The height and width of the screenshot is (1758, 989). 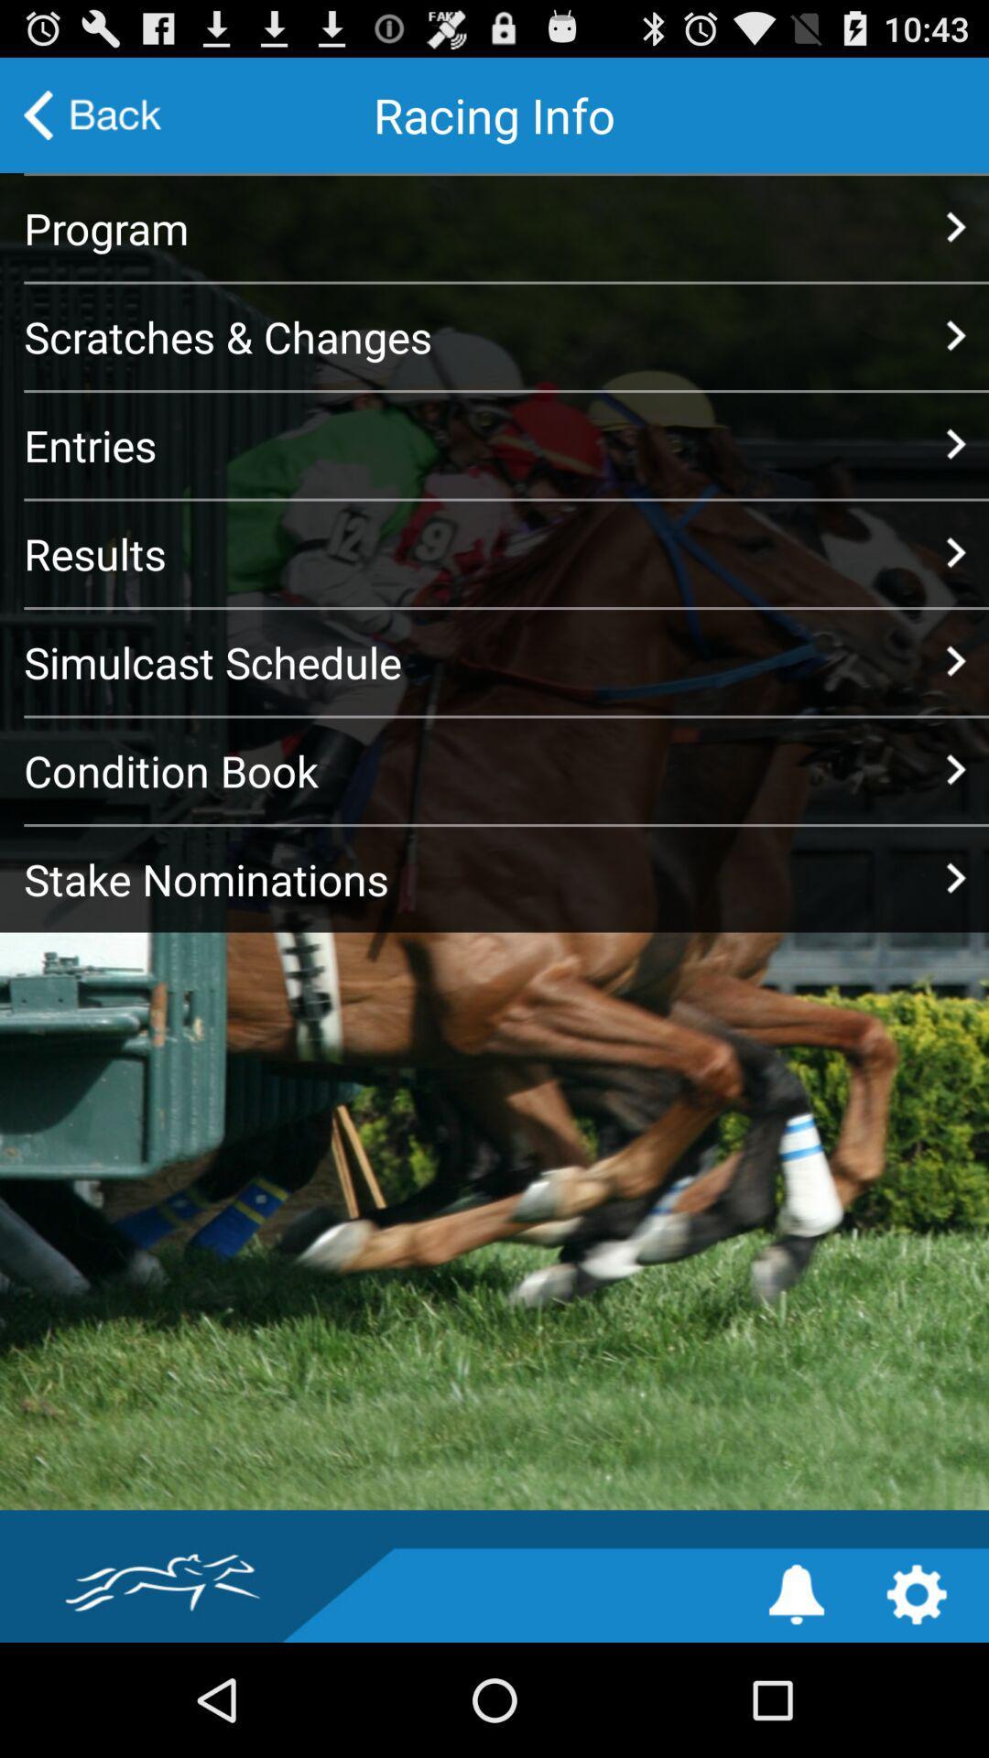 I want to click on notification settings, so click(x=796, y=1593).